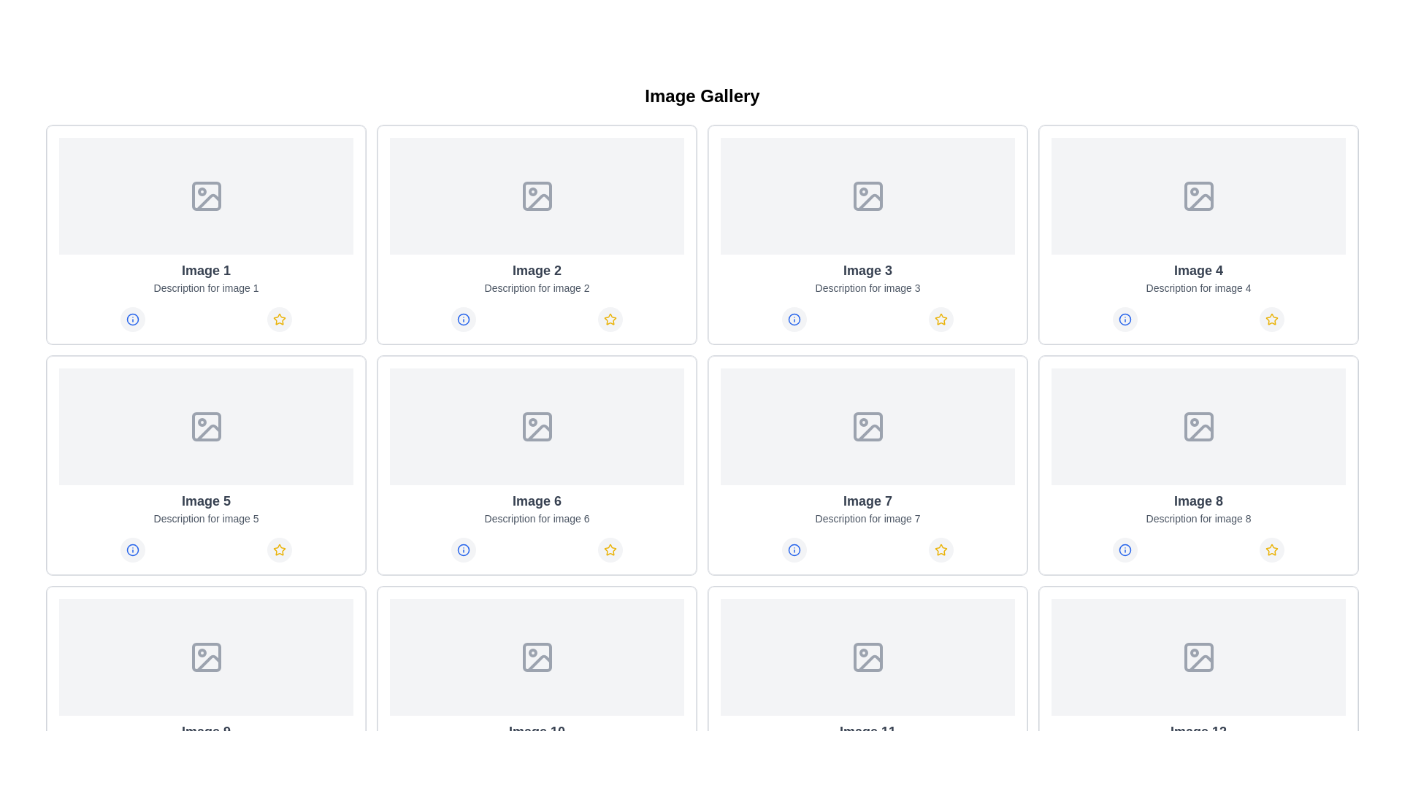 Image resolution: width=1402 pixels, height=788 pixels. I want to click on the star icon located in the control row below the 'Image 6' card to favorite the associated image, so click(610, 549).